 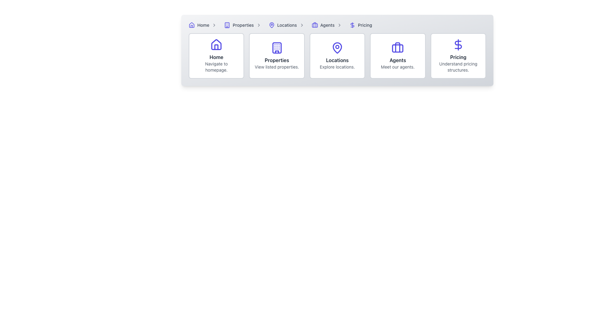 I want to click on the icon in the second navigation card from the left, adjacent to the 'Home' navigation card, so click(x=276, y=47).